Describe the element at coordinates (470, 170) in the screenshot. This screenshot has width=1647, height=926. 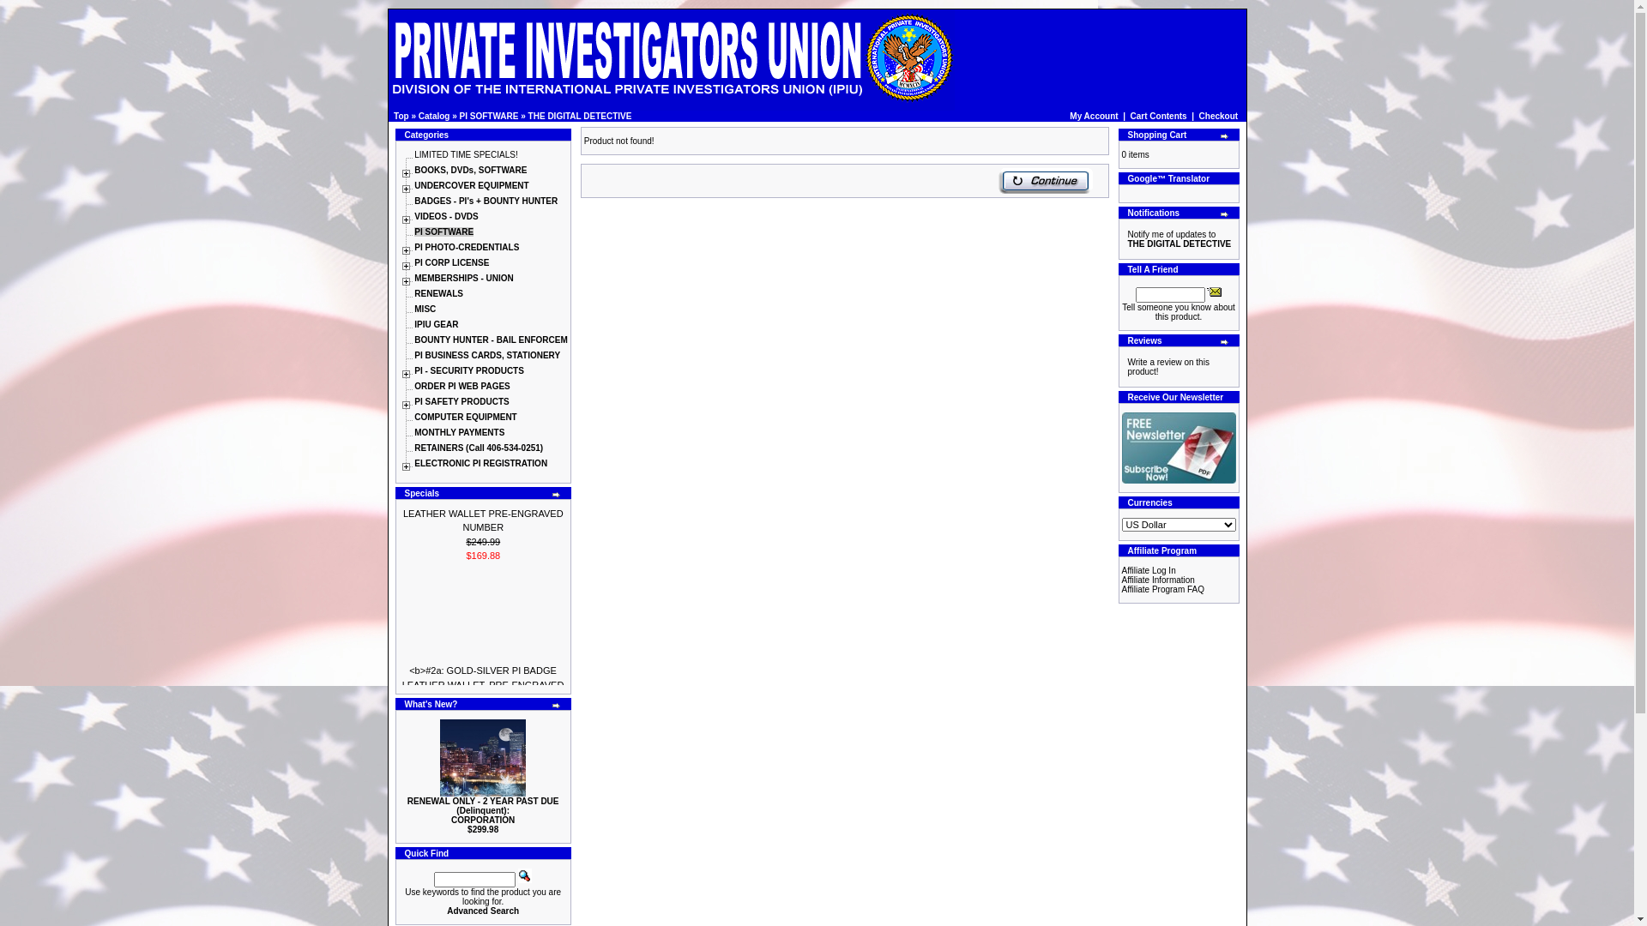
I see `'BOOKS, DVDs, SOFTWARE'` at that location.